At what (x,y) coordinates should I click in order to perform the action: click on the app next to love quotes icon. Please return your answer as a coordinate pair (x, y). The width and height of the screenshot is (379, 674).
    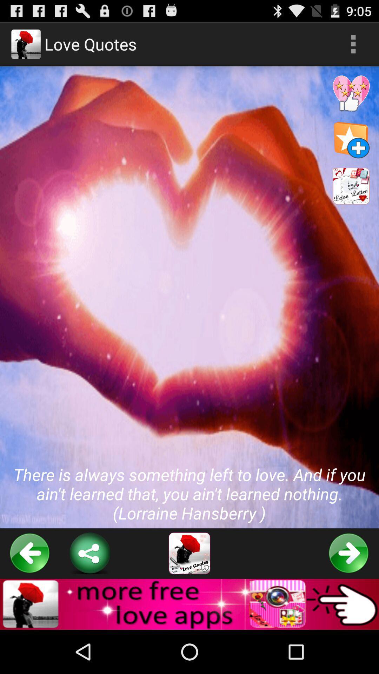
    Looking at the image, I should click on (353, 44).